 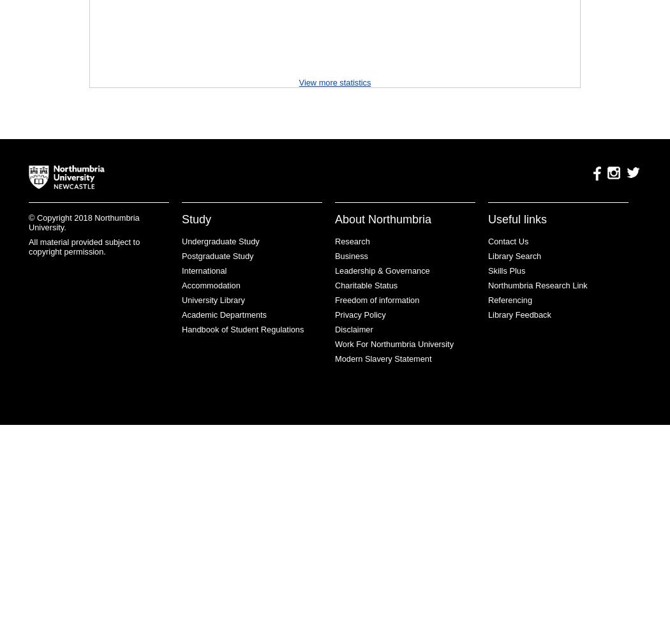 I want to click on 'Research', so click(x=352, y=241).